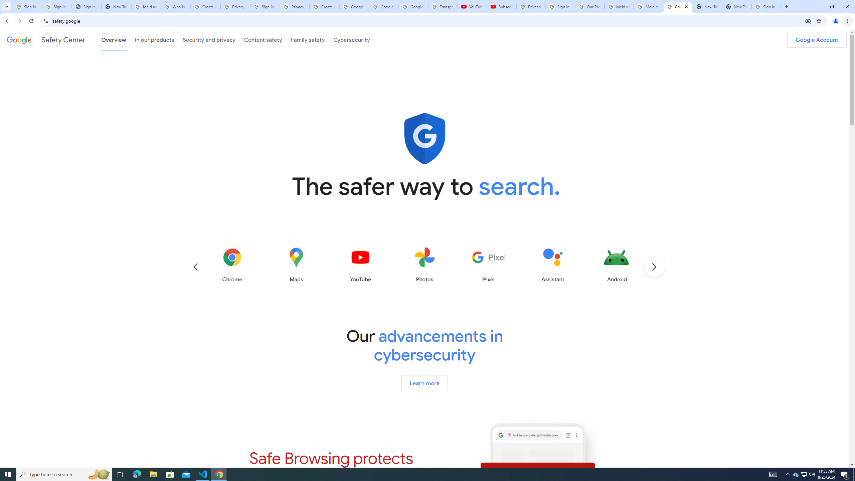 This screenshot has width=855, height=481. Describe the element at coordinates (351, 39) in the screenshot. I see `'Cybersecurity'` at that location.